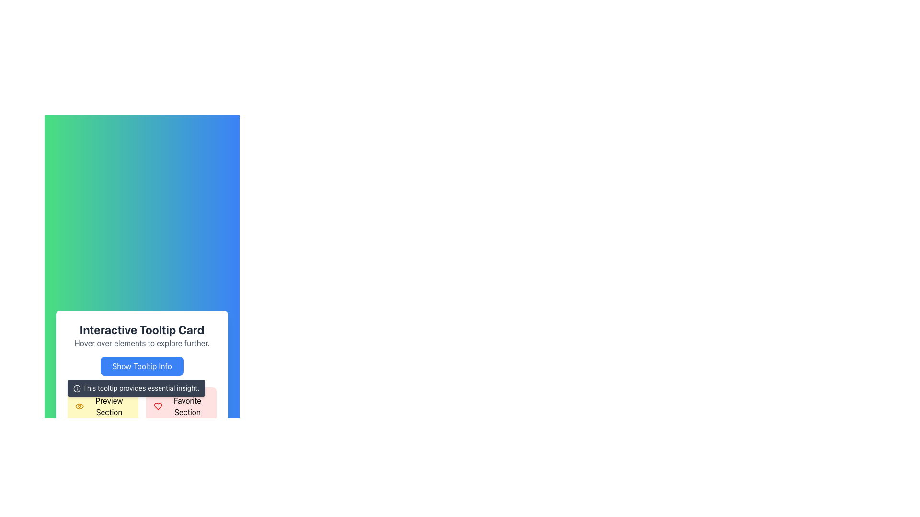 This screenshot has width=920, height=517. Describe the element at coordinates (80, 406) in the screenshot. I see `the graphical icon component representing an eye symbol, which has a yellowish color and is located near the bottom center of the application interface` at that location.